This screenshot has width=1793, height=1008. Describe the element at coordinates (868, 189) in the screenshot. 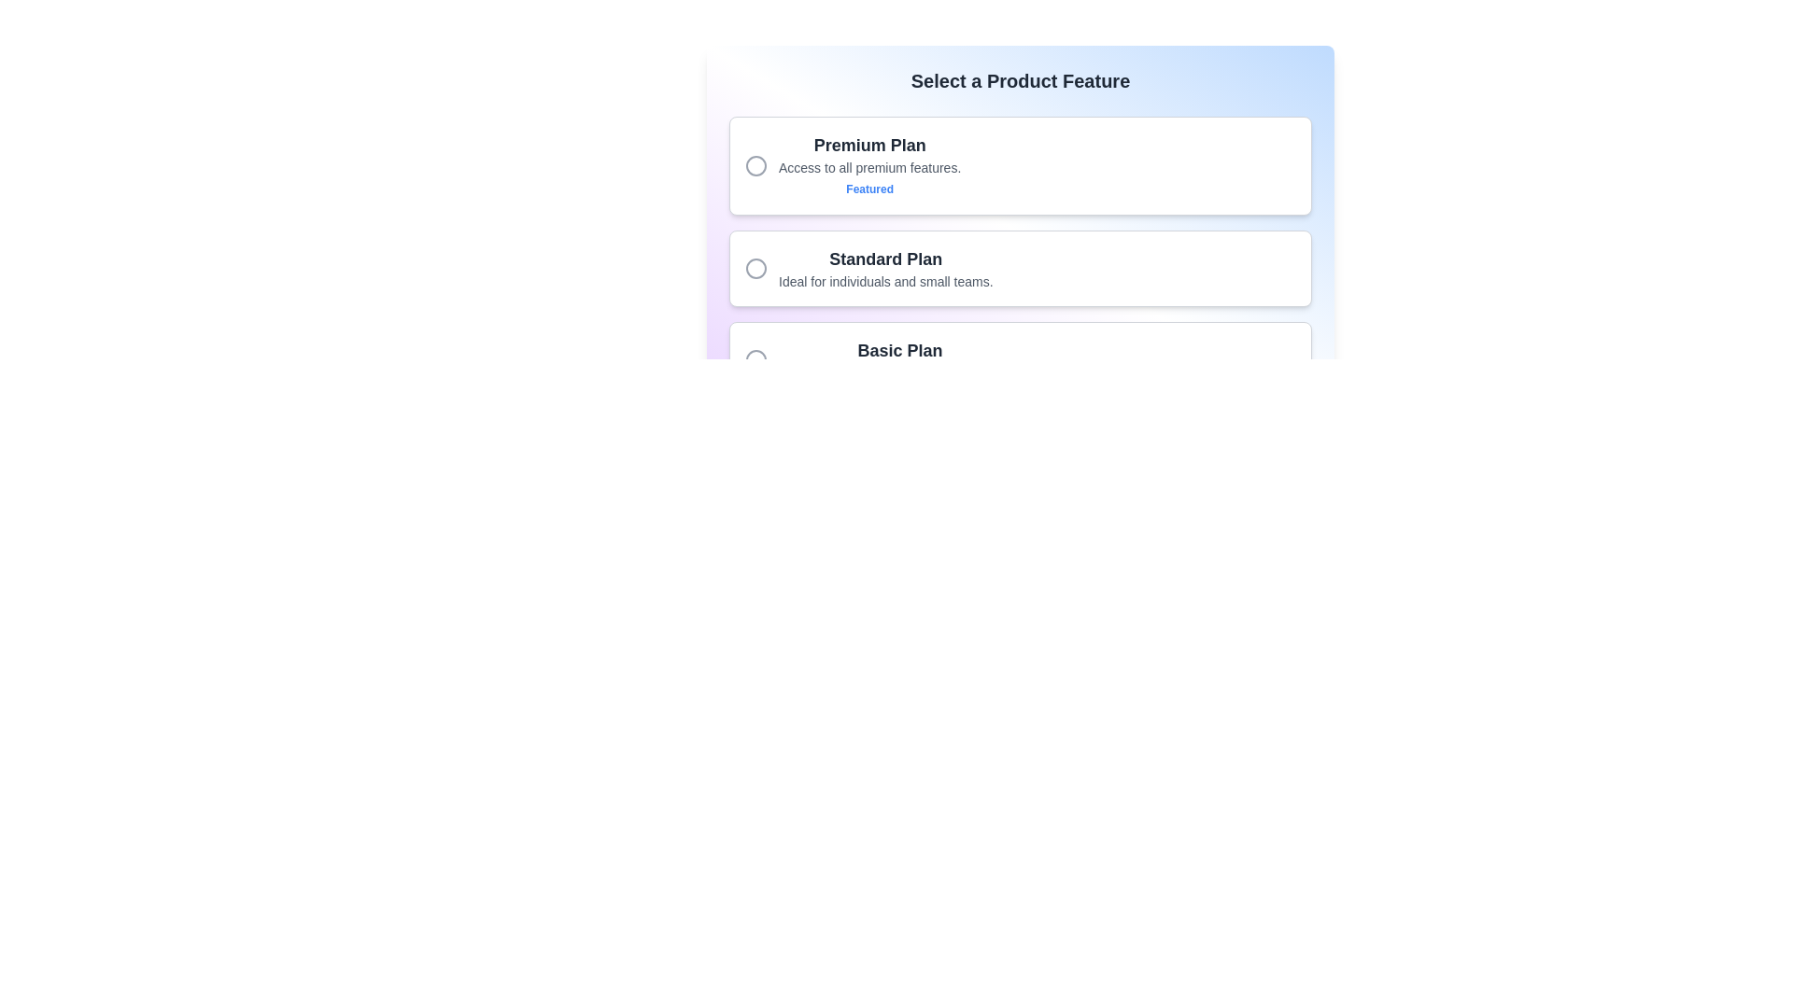

I see `the label emphasizing the 'Premium Plan', which is located under the 'Premium Plan' title and the description 'Access to all premium features.'` at that location.